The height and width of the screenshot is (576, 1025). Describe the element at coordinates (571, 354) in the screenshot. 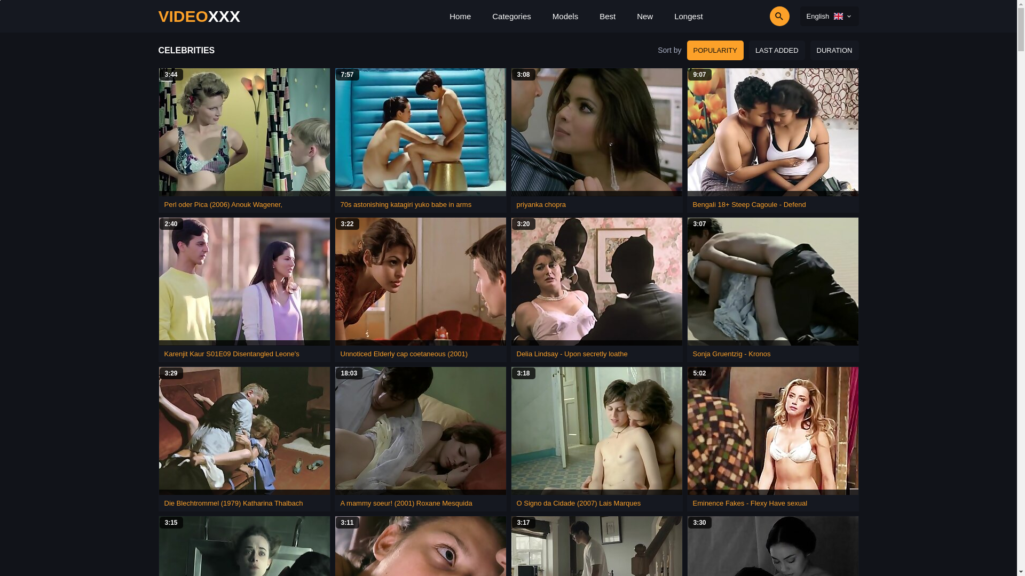

I see `'Delia Lindsay - Upon secretly loathe'` at that location.